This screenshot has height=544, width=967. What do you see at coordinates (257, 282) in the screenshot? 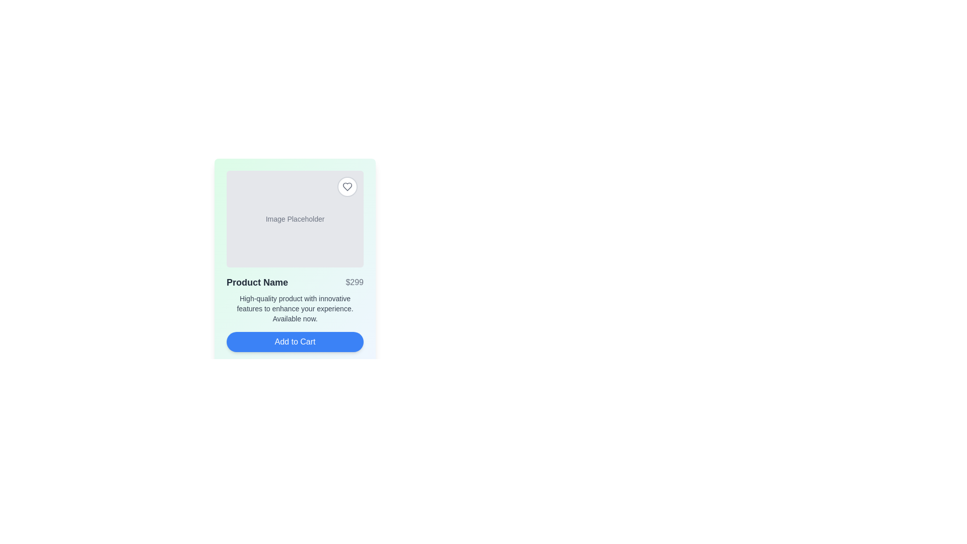
I see `the 'Product Name' text label, which is styled in bold, dark gray font and located in the product card layout, positioned below the image placeholder and aligned before the price` at bounding box center [257, 282].